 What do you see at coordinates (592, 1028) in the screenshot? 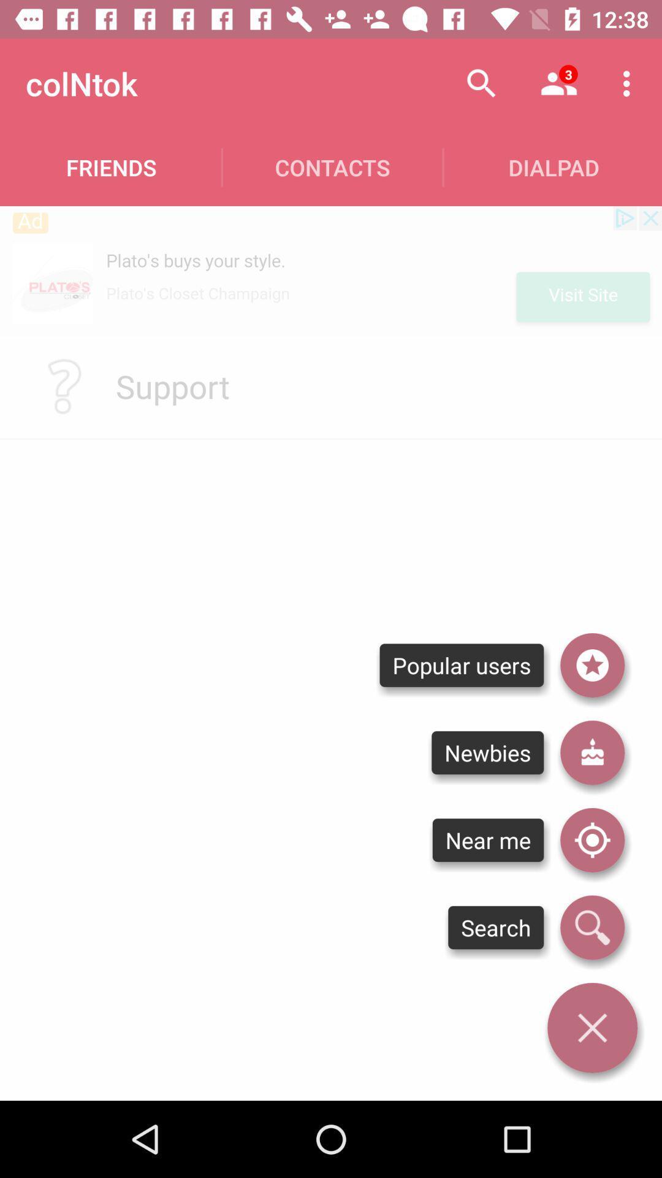
I see `this window` at bounding box center [592, 1028].